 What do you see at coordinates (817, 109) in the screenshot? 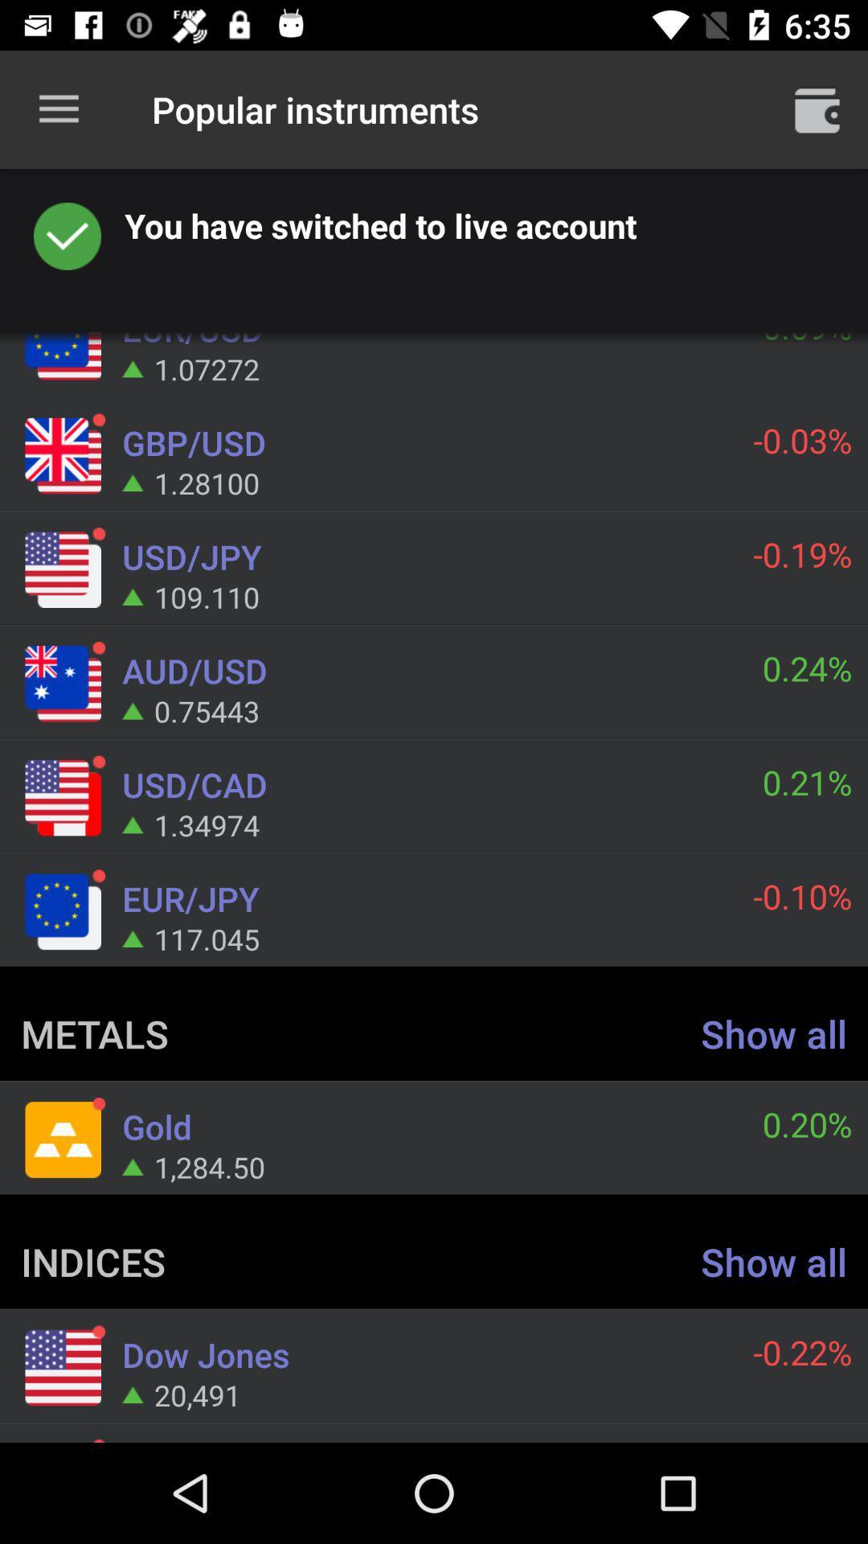
I see `other instruments` at bounding box center [817, 109].